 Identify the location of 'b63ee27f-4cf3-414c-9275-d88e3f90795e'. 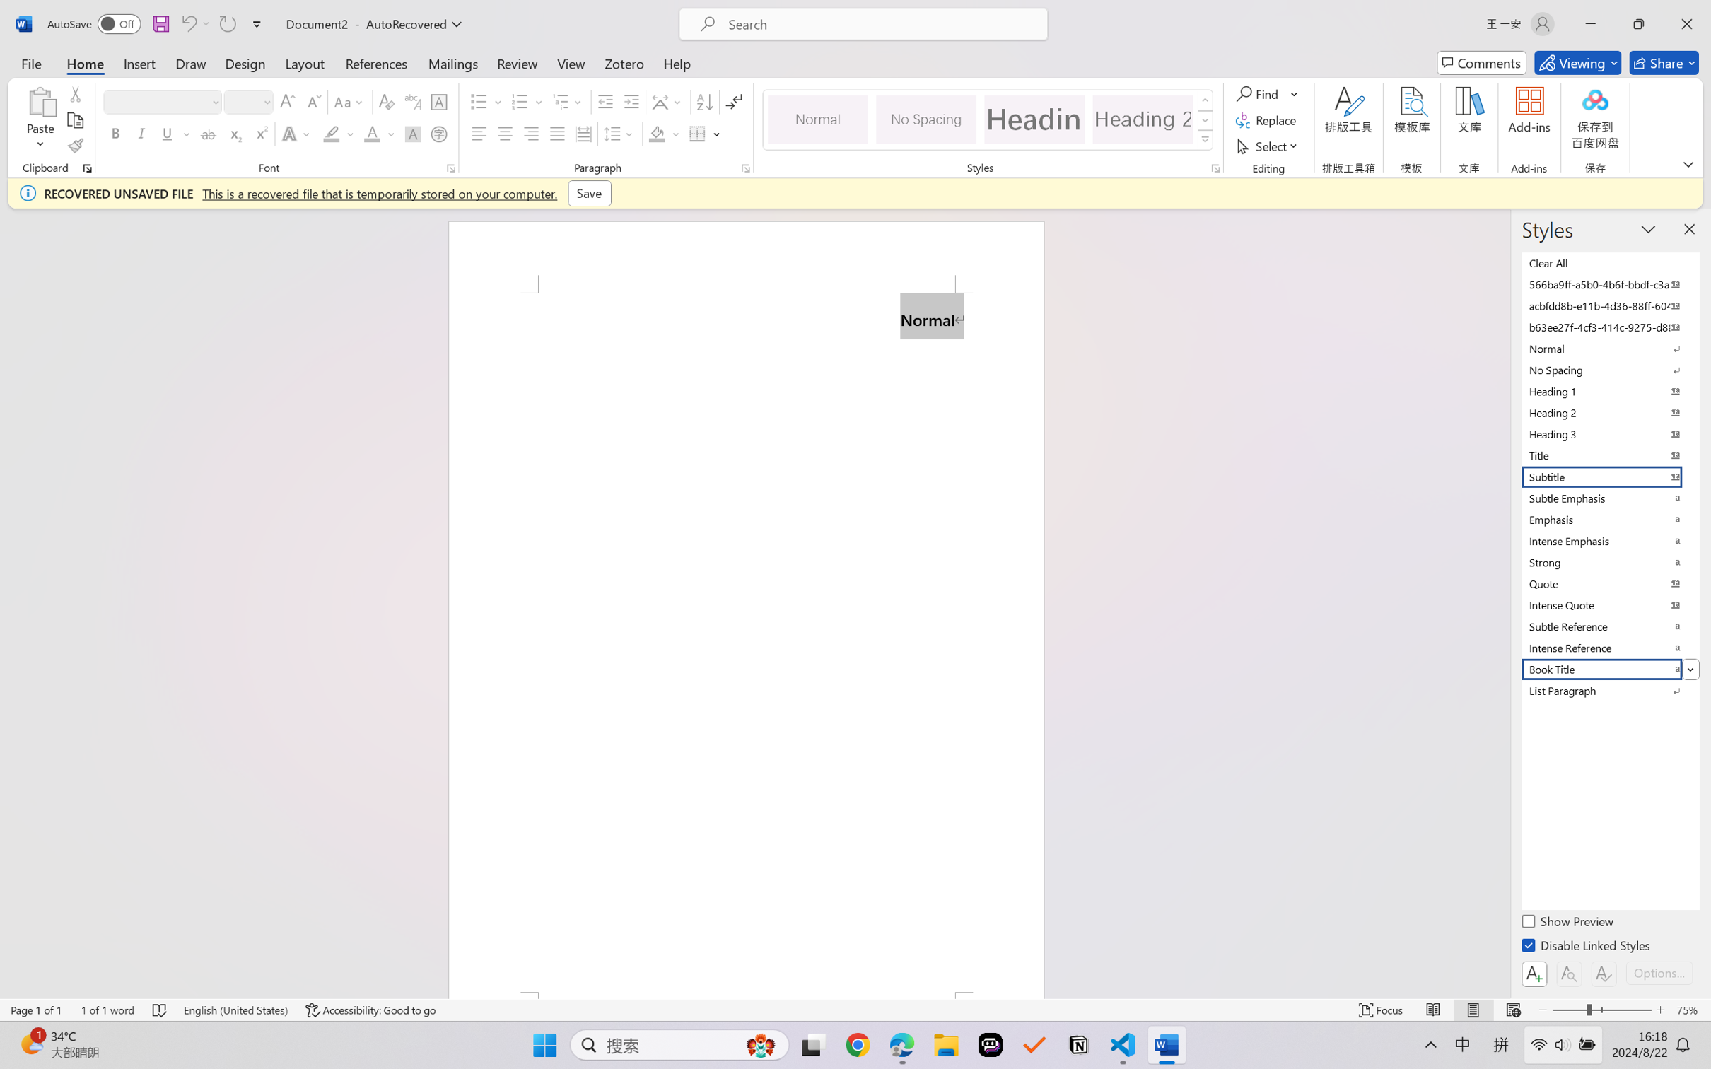
(1608, 326).